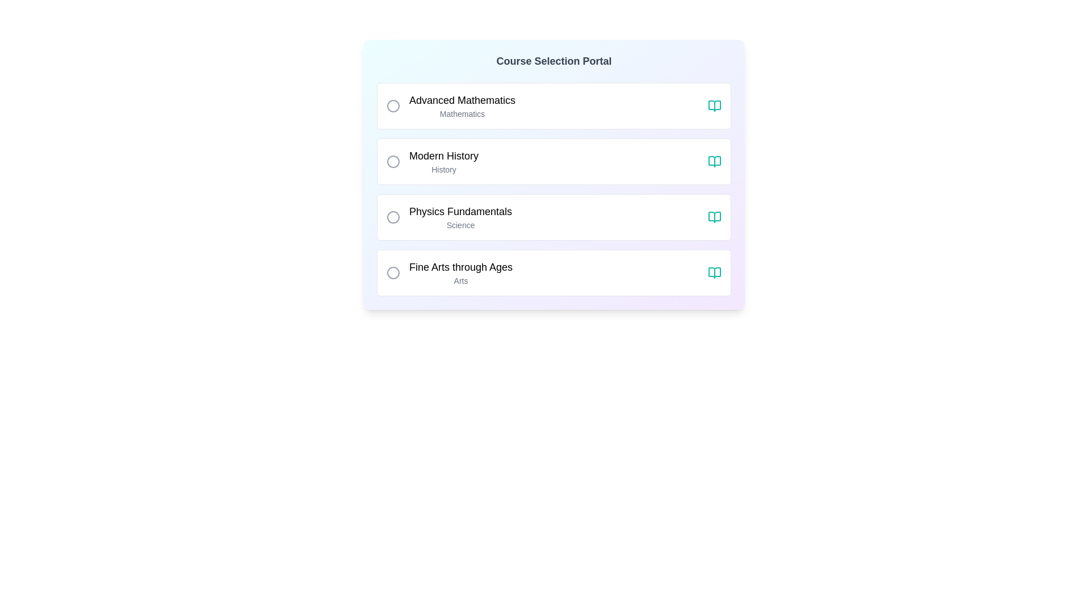 The image size is (1090, 613). Describe the element at coordinates (714, 162) in the screenshot. I see `the icon at the extreme right of the 'Modern History' course entry` at that location.